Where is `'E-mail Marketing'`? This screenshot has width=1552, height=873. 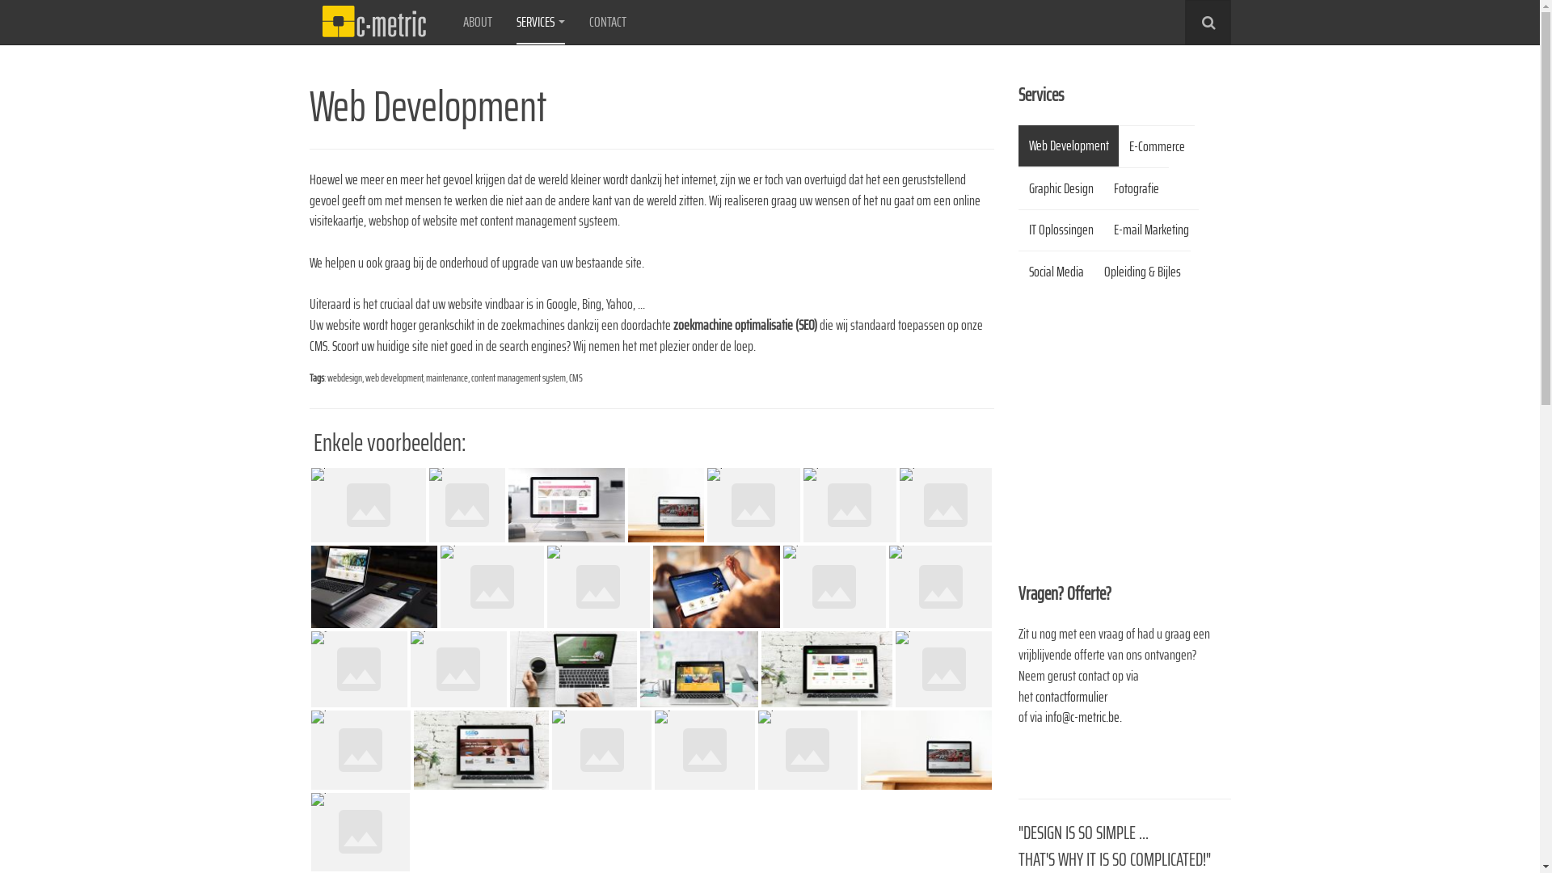 'E-mail Marketing' is located at coordinates (1102, 230).